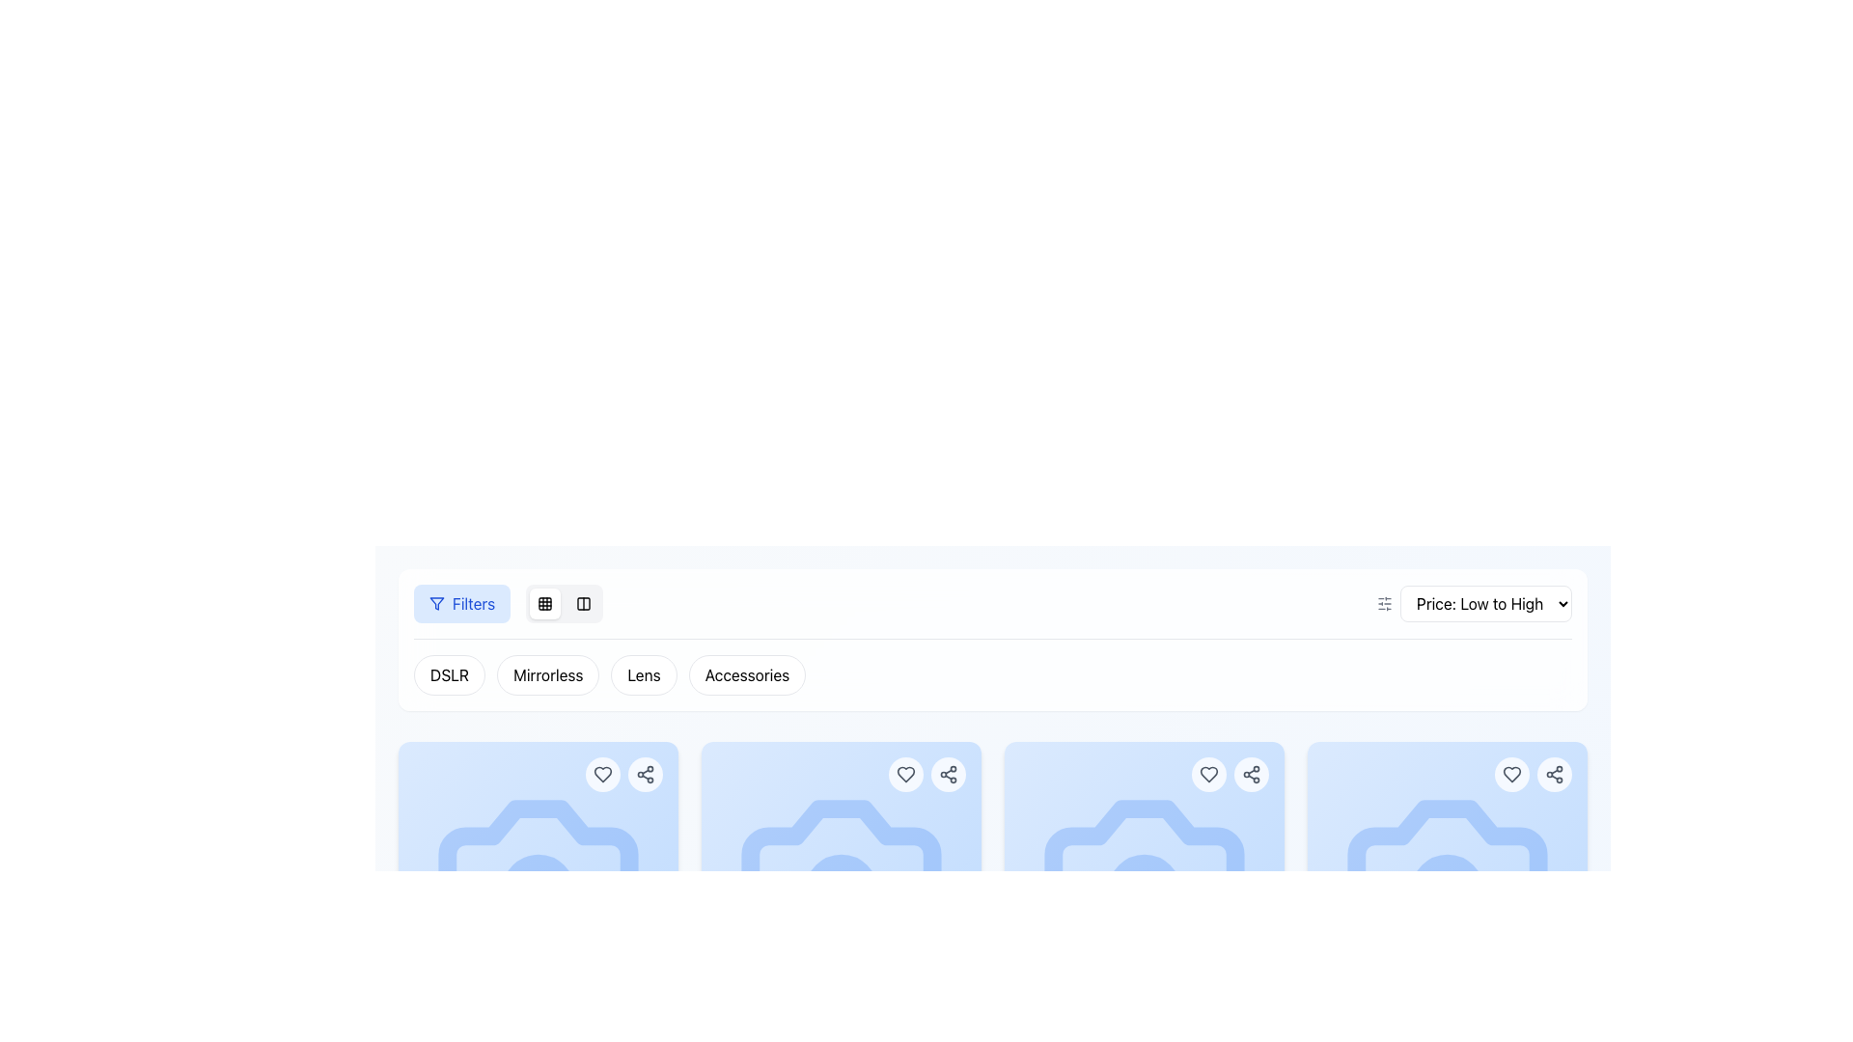 Image resolution: width=1853 pixels, height=1042 pixels. I want to click on the heart-shaped icon in the top-right corner of the third card to favorite the item, so click(1207, 773).